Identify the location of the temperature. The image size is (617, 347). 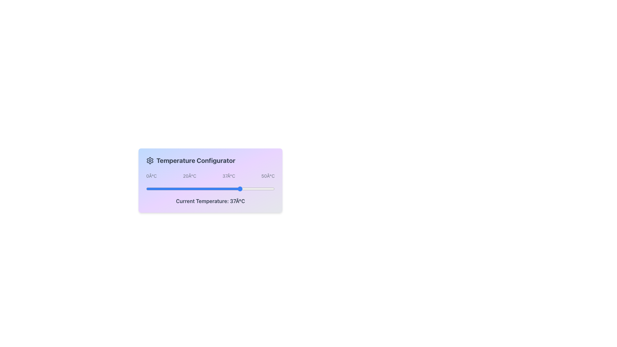
(228, 188).